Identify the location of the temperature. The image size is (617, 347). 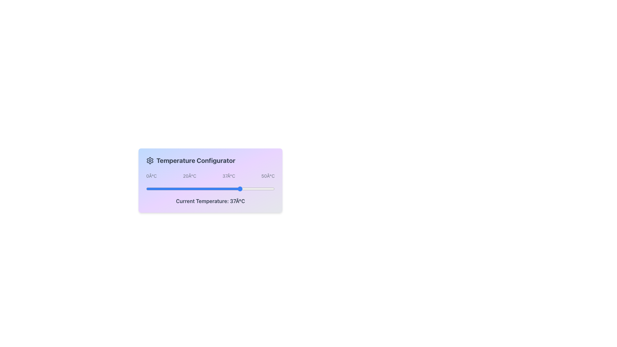
(228, 188).